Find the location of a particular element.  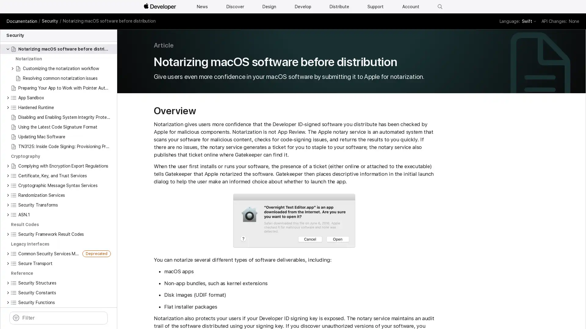

Secure Transport is located at coordinates (7, 267).